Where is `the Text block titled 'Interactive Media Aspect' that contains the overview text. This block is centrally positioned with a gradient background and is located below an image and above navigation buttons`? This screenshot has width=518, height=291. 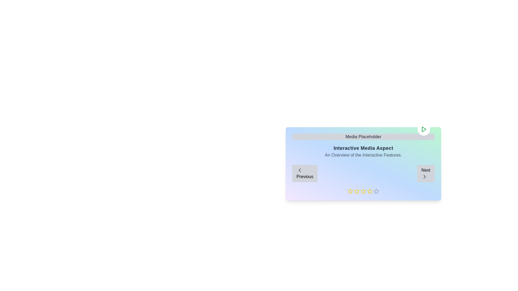 the Text block titled 'Interactive Media Aspect' that contains the overview text. This block is centrally positioned with a gradient background and is located below an image and above navigation buttons is located at coordinates (363, 151).